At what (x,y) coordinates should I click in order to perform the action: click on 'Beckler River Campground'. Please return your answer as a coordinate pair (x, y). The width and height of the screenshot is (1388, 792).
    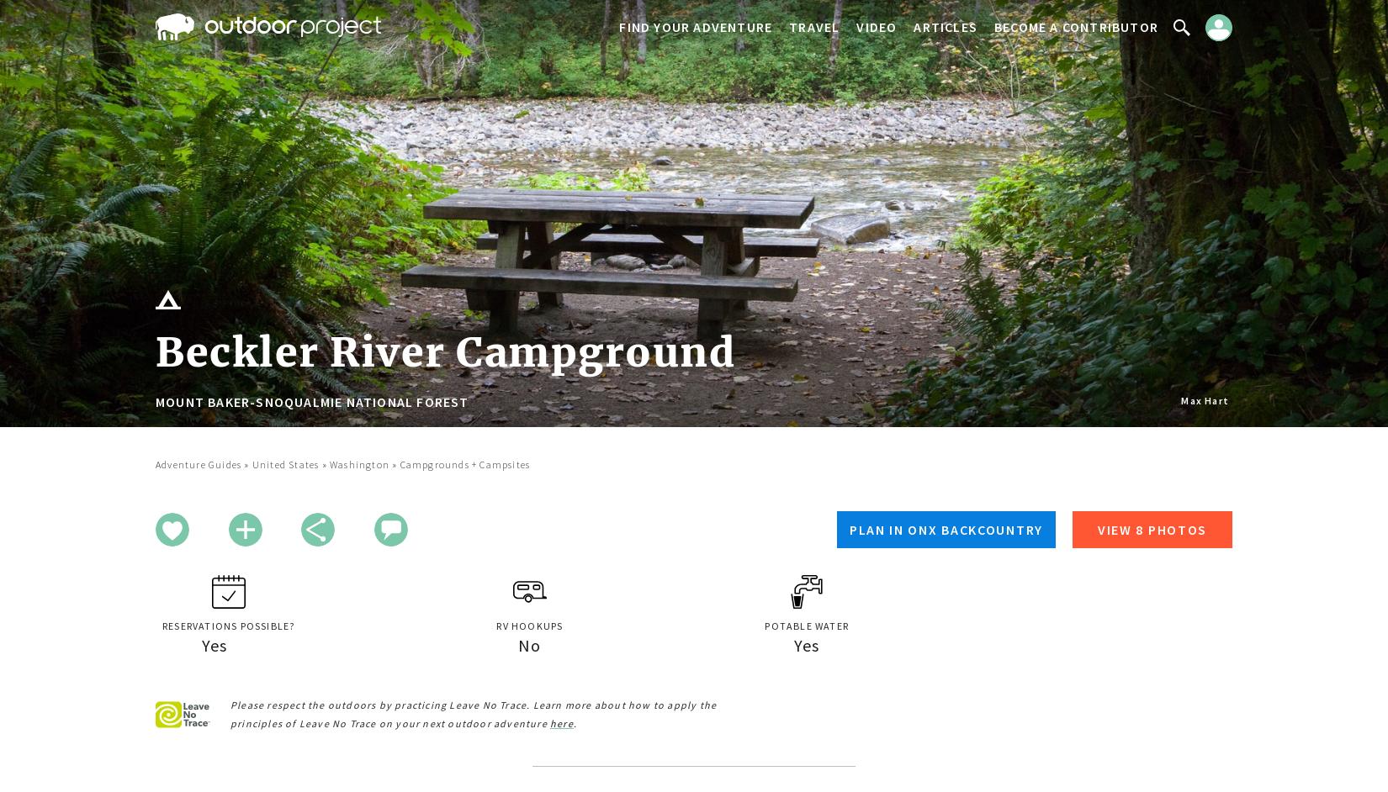
    Looking at the image, I should click on (444, 352).